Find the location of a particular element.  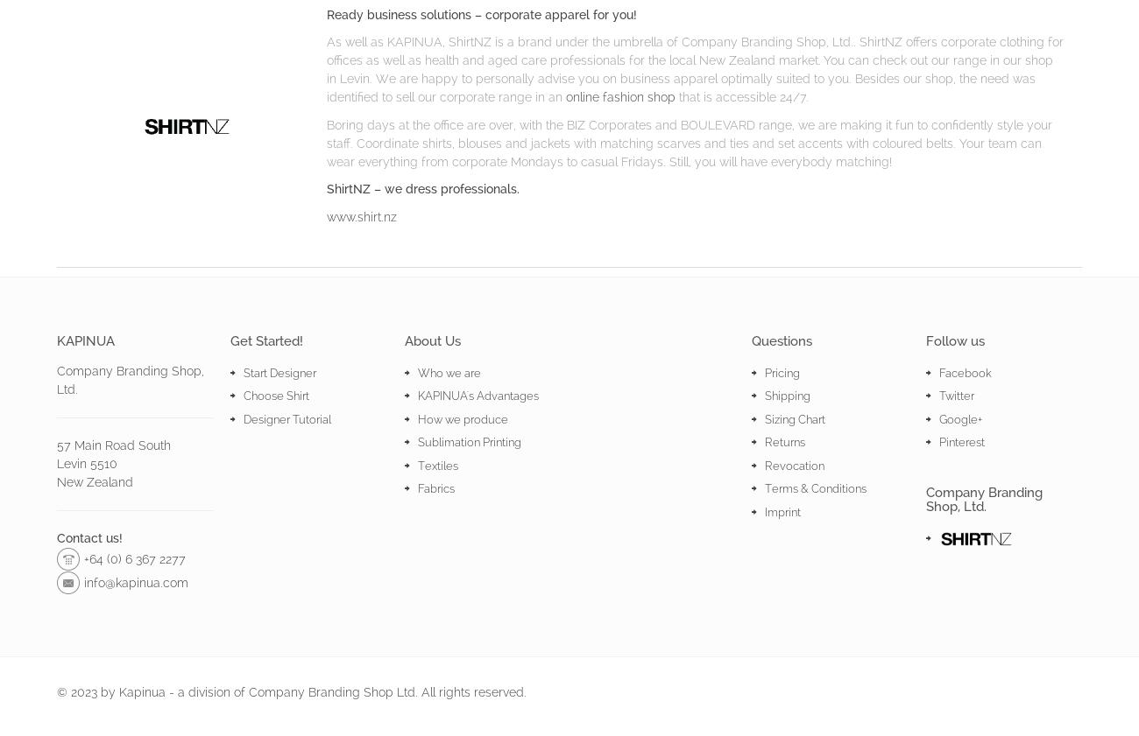

'Choose Shirt' is located at coordinates (276, 396).